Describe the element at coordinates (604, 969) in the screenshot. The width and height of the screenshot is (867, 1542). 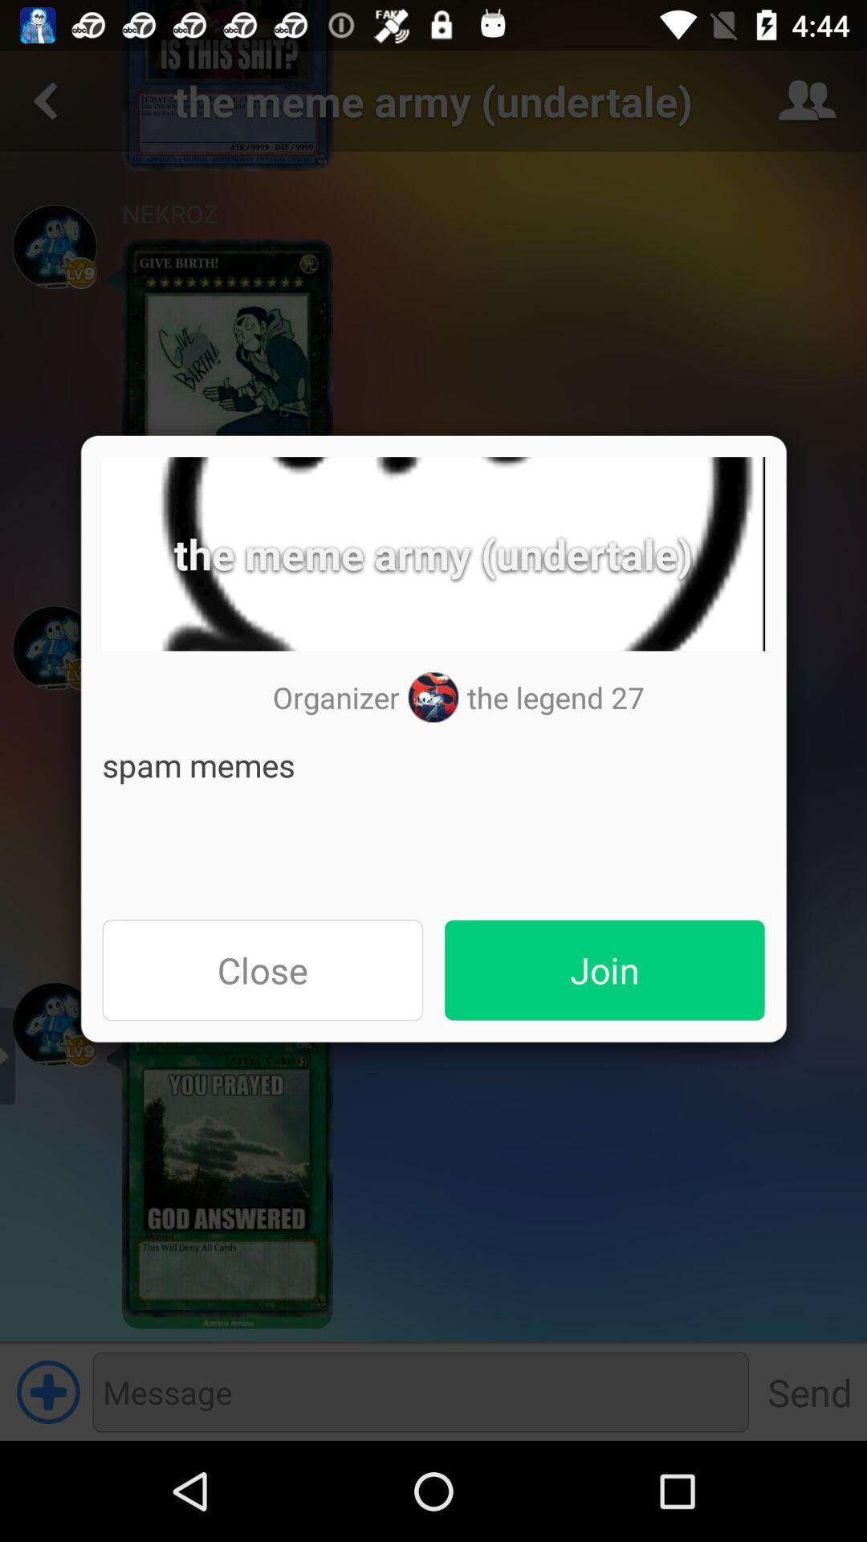
I see `the icon to the right of the close item` at that location.